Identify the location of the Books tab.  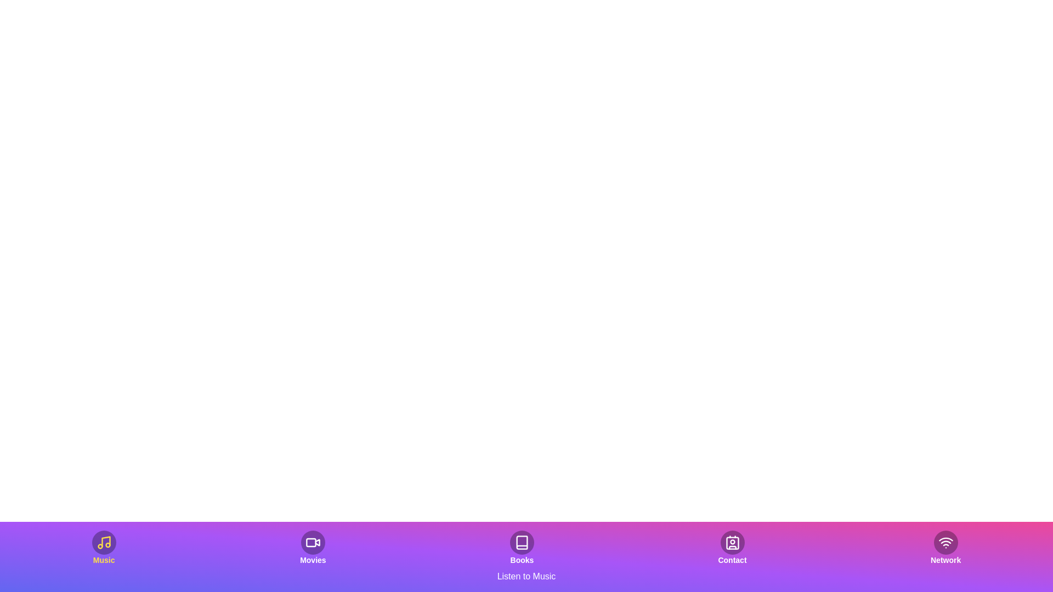
(521, 548).